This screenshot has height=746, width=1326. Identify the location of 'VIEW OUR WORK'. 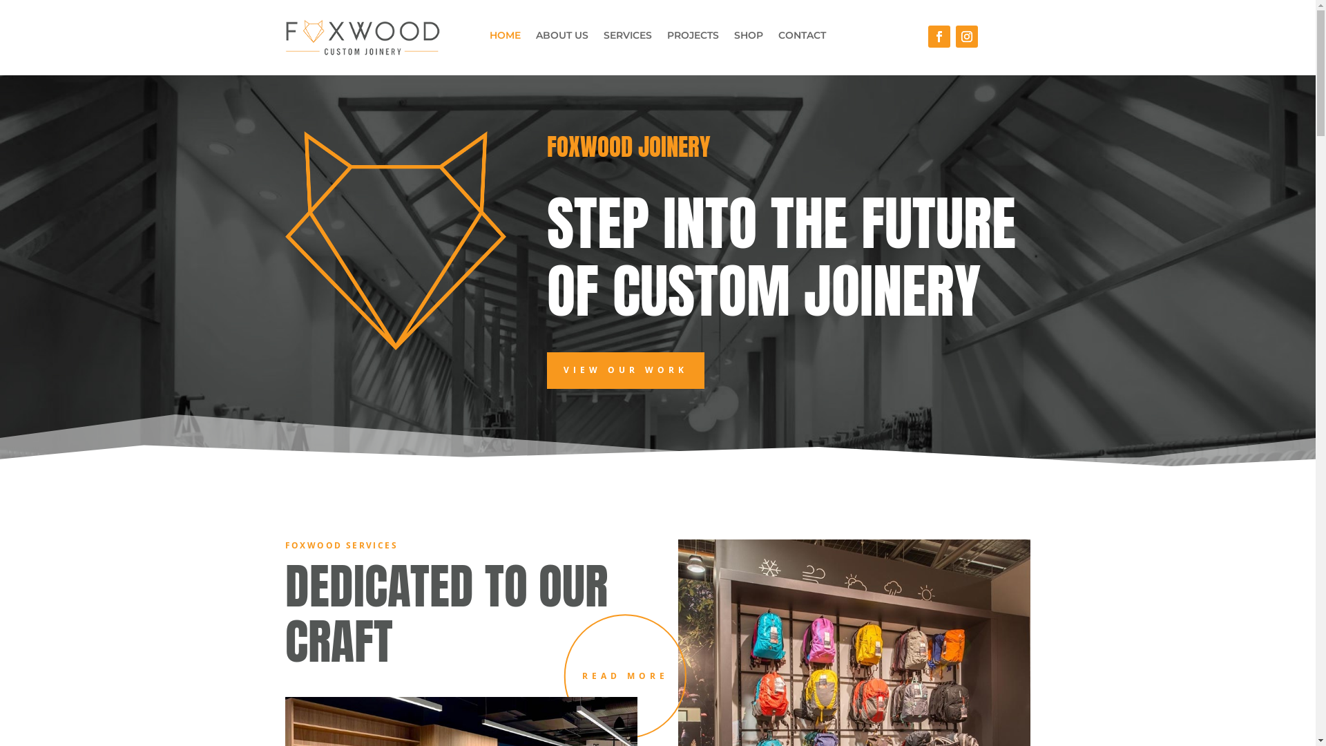
(546, 370).